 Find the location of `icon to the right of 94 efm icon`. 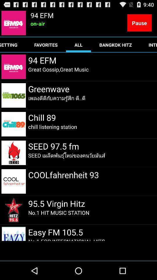

icon to the right of 94 efm icon is located at coordinates (139, 23).